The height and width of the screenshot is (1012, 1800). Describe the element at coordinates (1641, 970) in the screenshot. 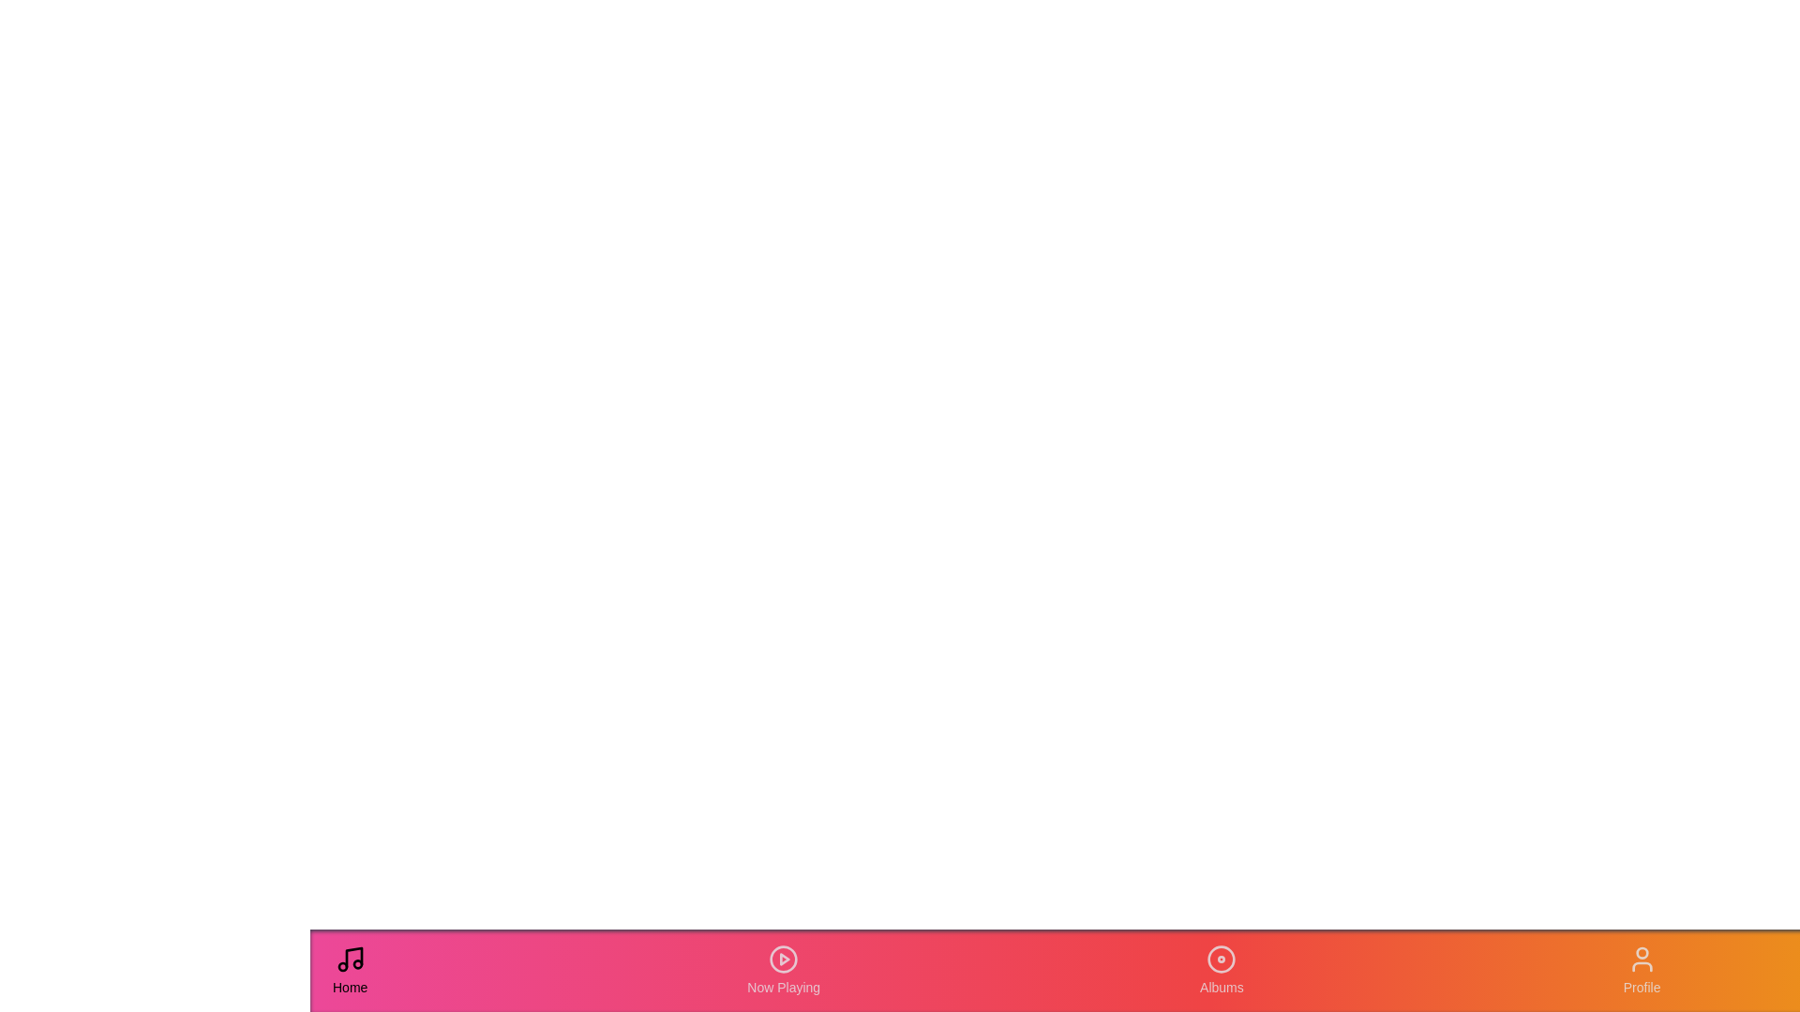

I see `the icon corresponding to Profile` at that location.